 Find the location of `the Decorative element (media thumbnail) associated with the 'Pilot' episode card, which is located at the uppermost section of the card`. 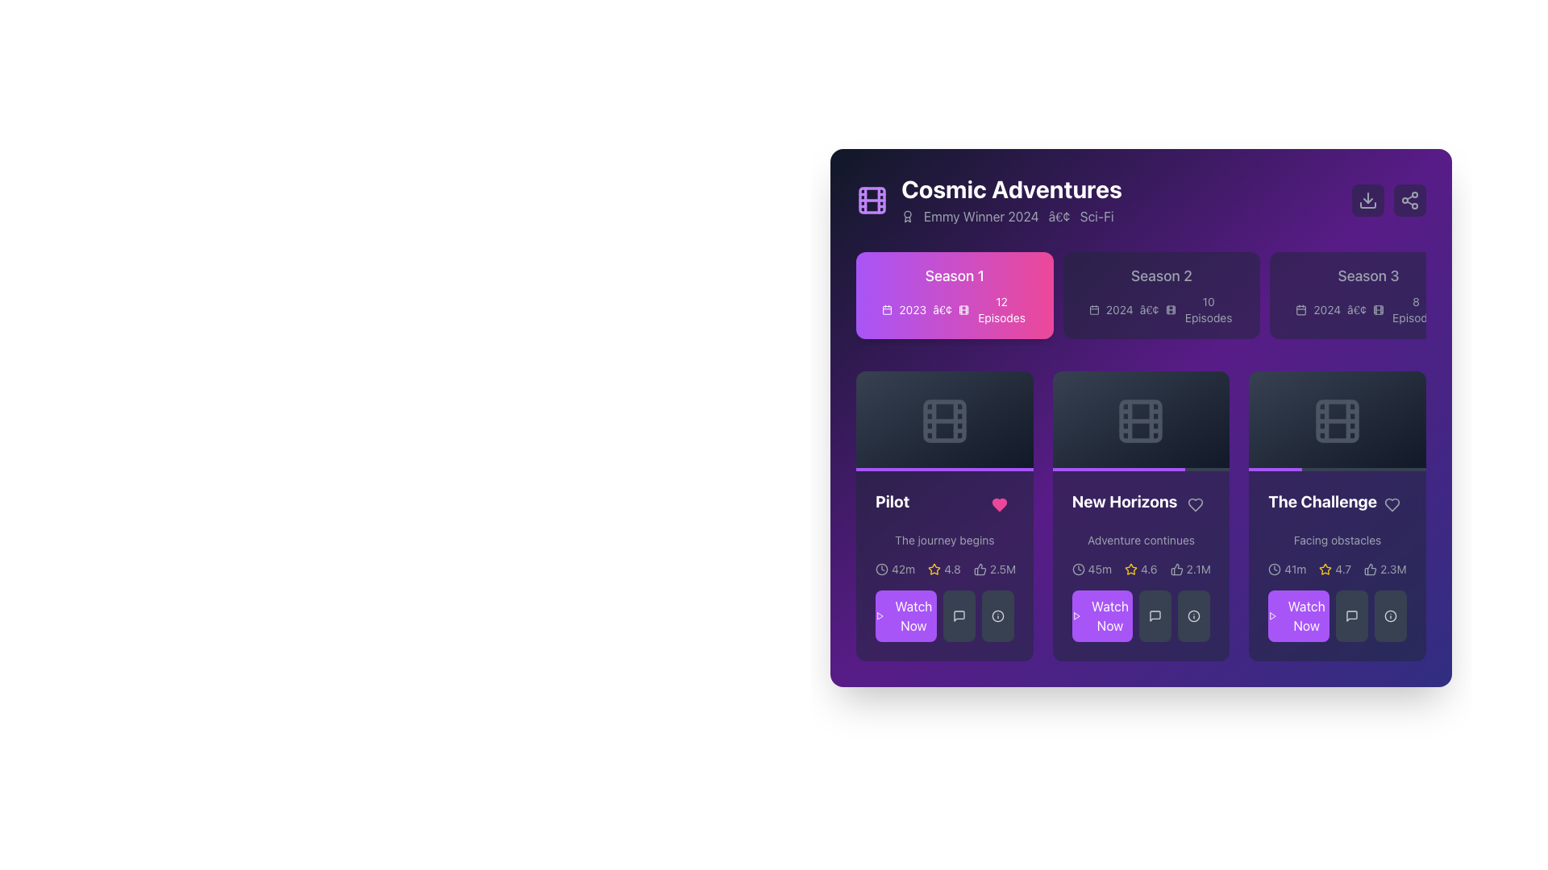

the Decorative element (media thumbnail) associated with the 'Pilot' episode card, which is located at the uppermost section of the card is located at coordinates (944, 420).